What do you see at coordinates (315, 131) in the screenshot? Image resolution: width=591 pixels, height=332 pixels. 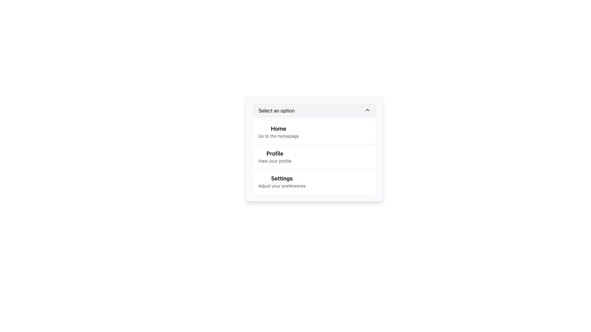 I see `the 'Home' menu item, which is the first option in the vertically stacked selection menu and features a bolded title and a supporting description` at bounding box center [315, 131].